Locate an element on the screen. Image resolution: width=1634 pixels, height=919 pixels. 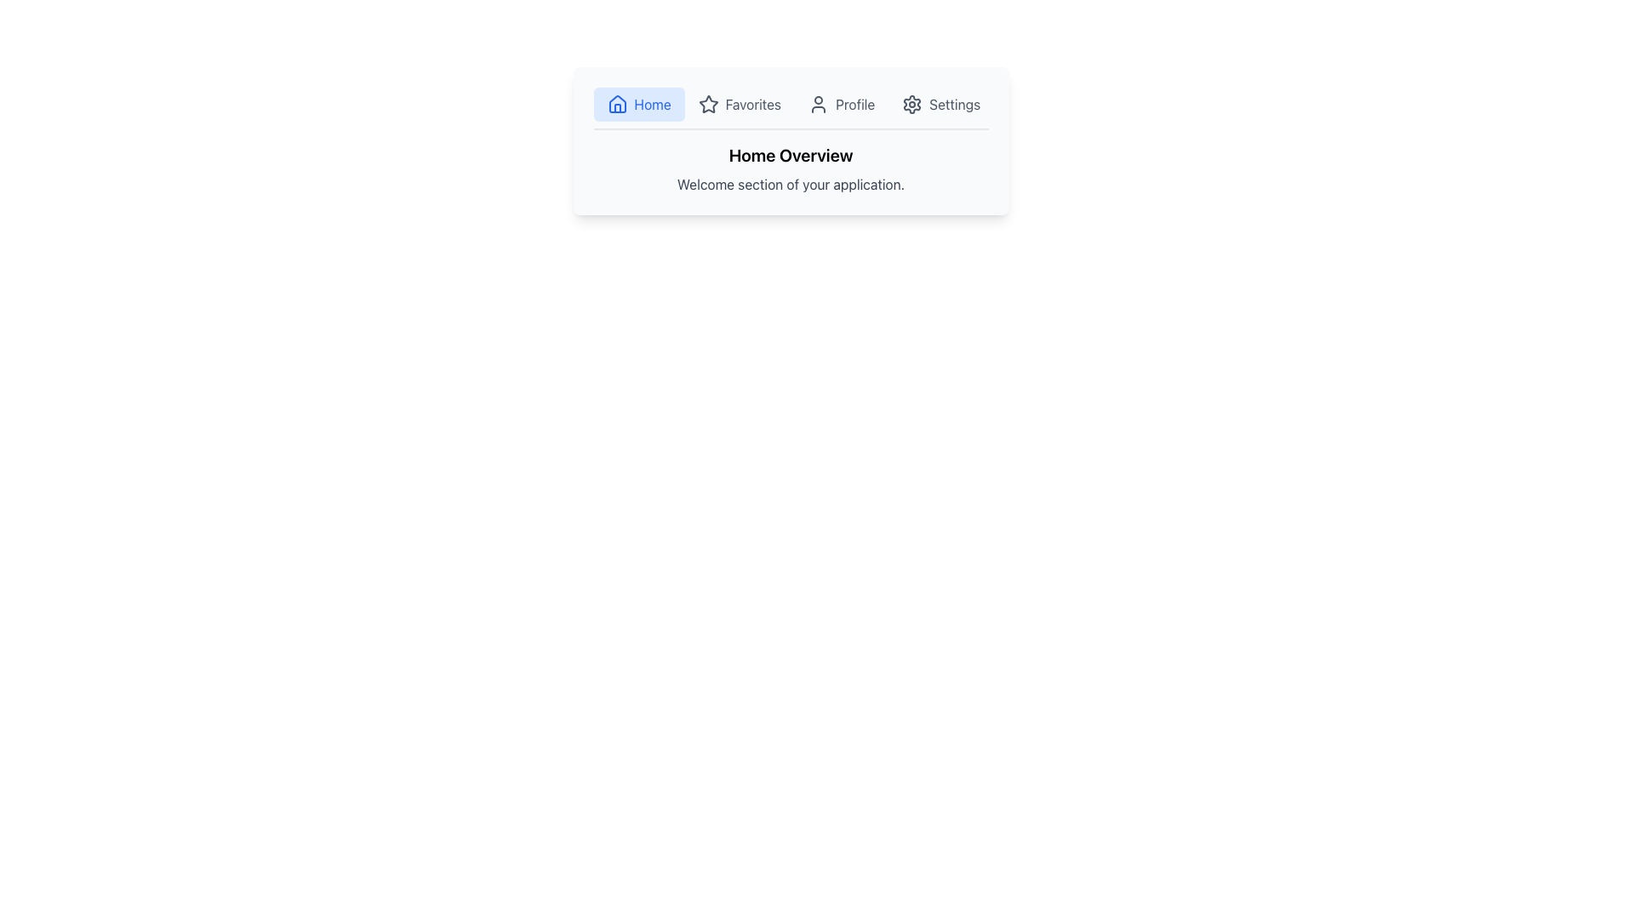
the 'Home' text label located to the immediate right of the house icon in the navigation menu is located at coordinates (652, 105).